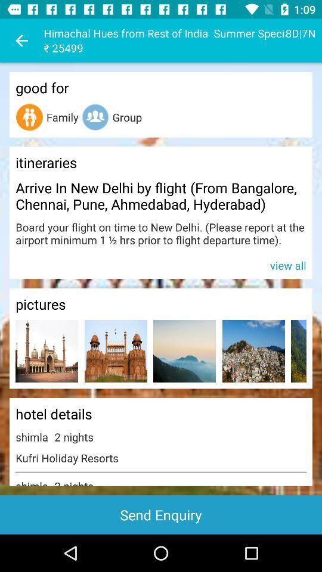  I want to click on app below shimla, so click(161, 514).